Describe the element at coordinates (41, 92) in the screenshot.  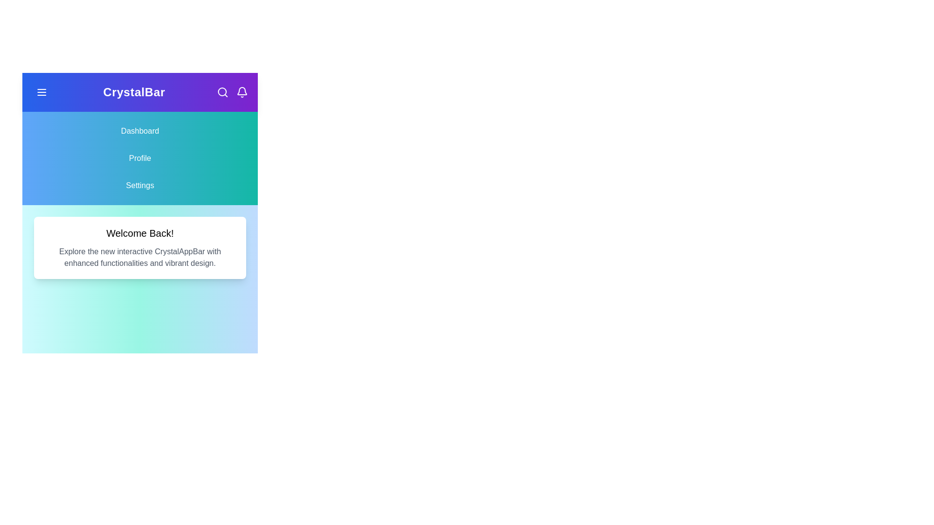
I see `the interactive element at menu_button` at that location.